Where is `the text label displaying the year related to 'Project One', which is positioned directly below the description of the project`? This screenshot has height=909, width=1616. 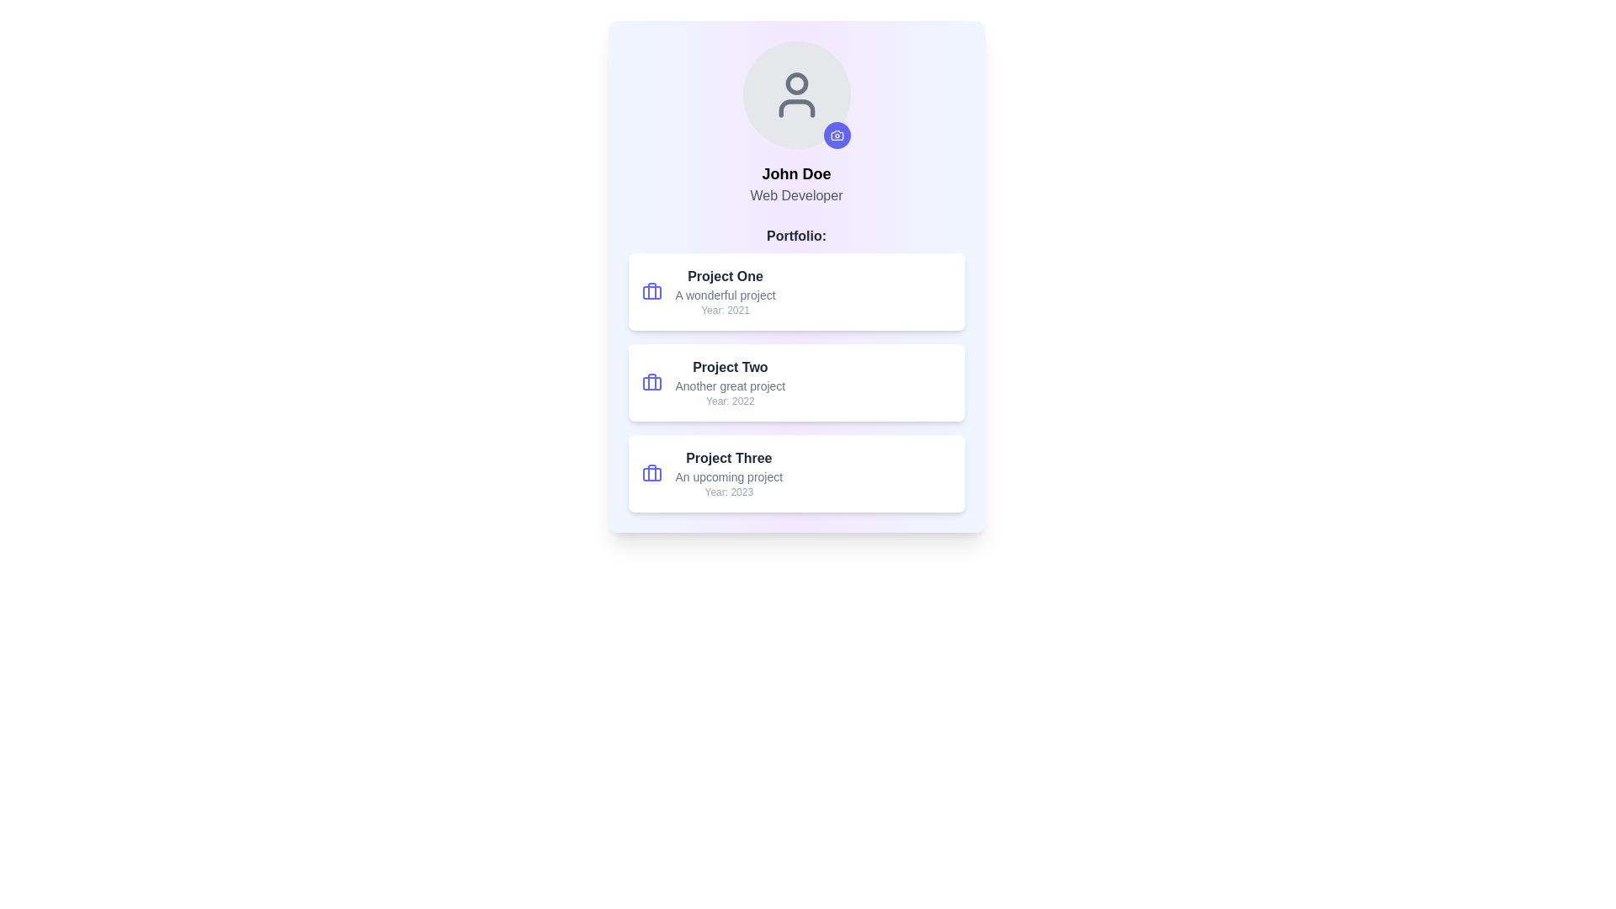 the text label displaying the year related to 'Project One', which is positioned directly below the description of the project is located at coordinates (726, 311).